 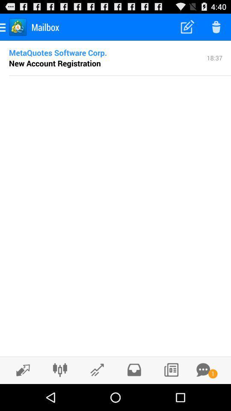 What do you see at coordinates (214, 57) in the screenshot?
I see `the 18:37 icon` at bounding box center [214, 57].